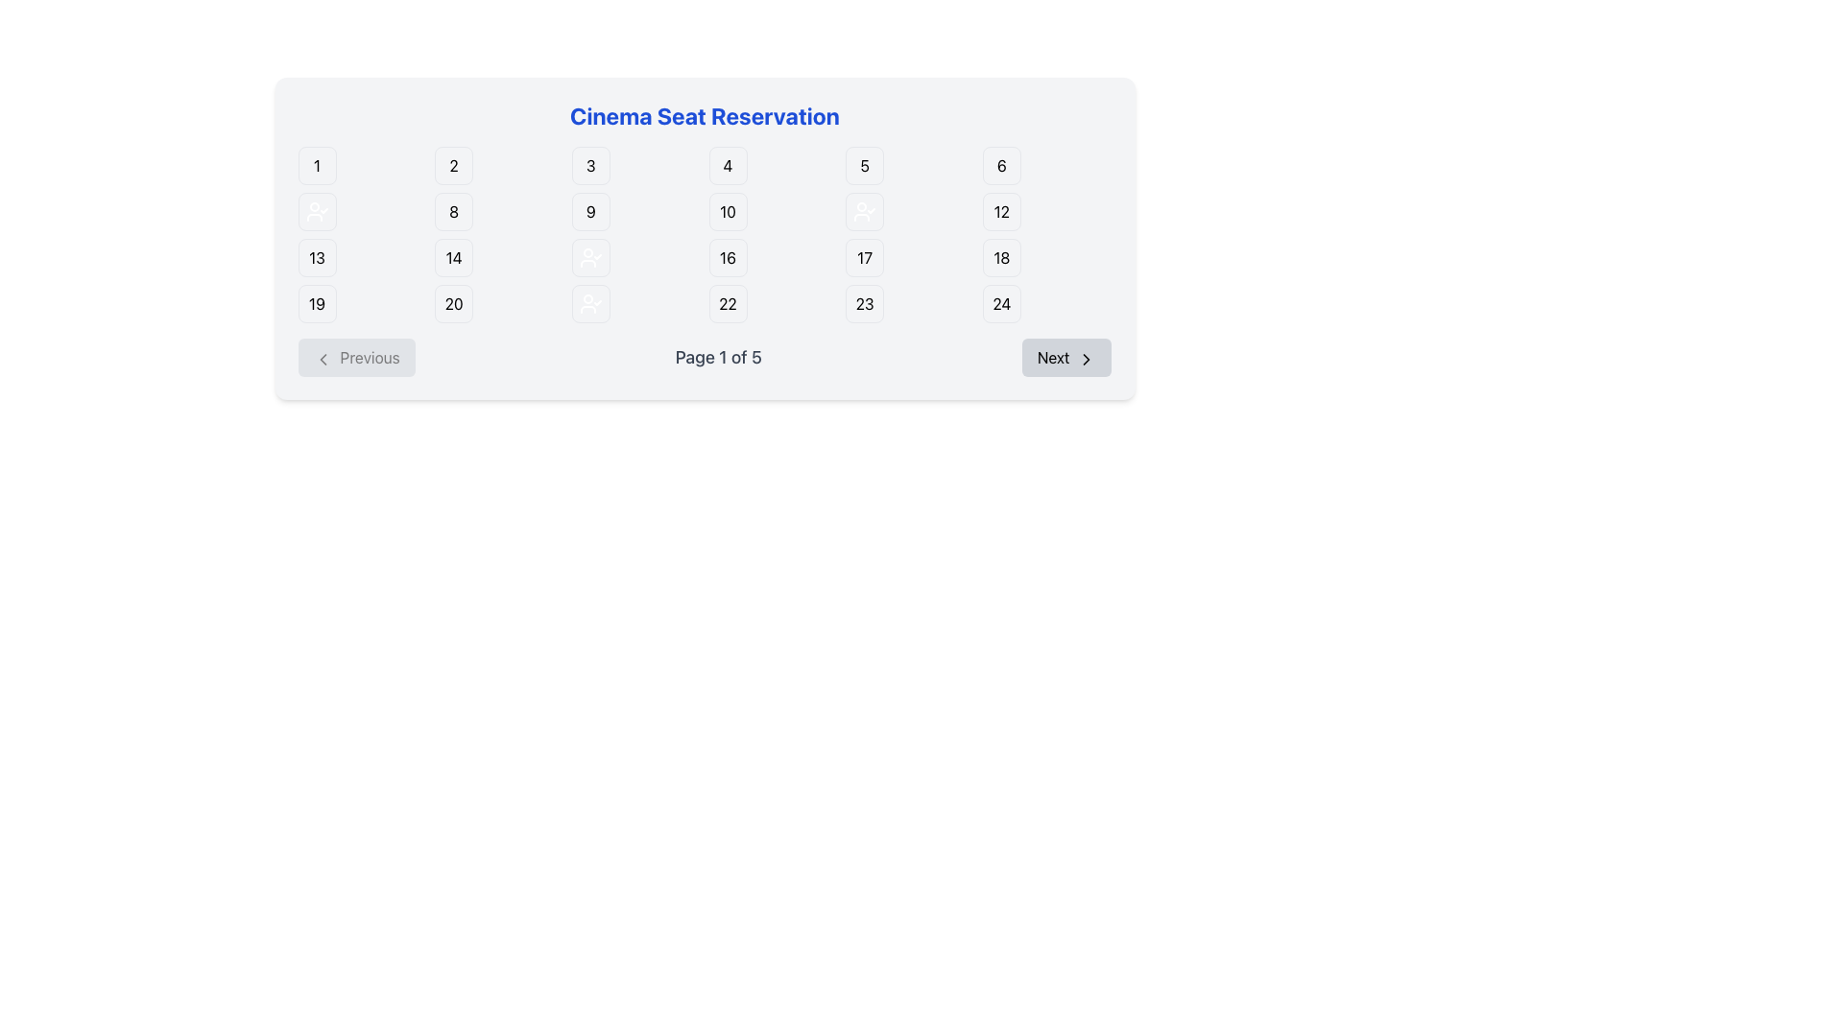 The height and width of the screenshot is (1036, 1843). What do you see at coordinates (453, 257) in the screenshot?
I see `the square button-like UI element representing a selectable seat in the reservation system, located in the third row and second column of the seat selection interface` at bounding box center [453, 257].